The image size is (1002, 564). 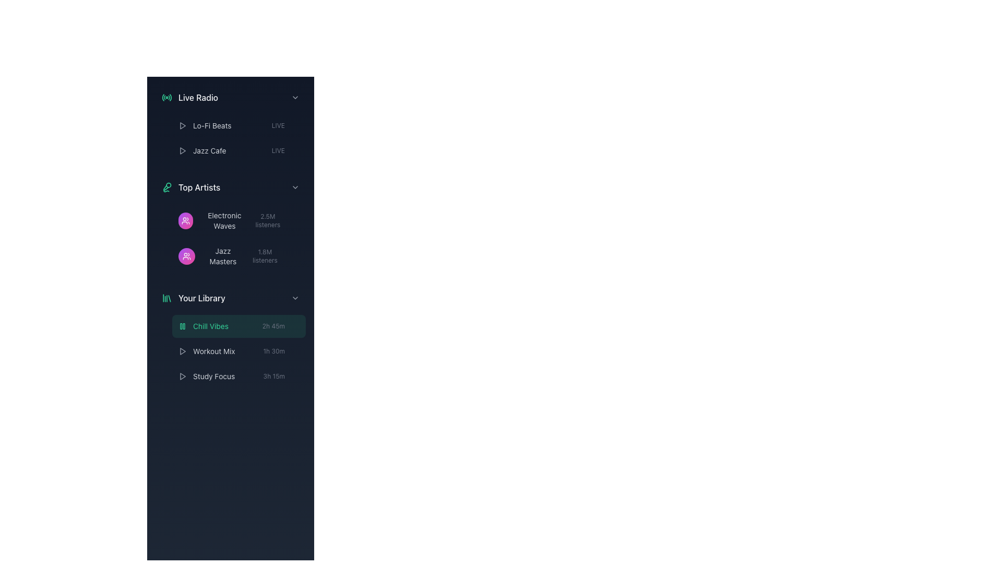 I want to click on the first playlist item labeled 'Chill Vibes', so click(x=238, y=325).